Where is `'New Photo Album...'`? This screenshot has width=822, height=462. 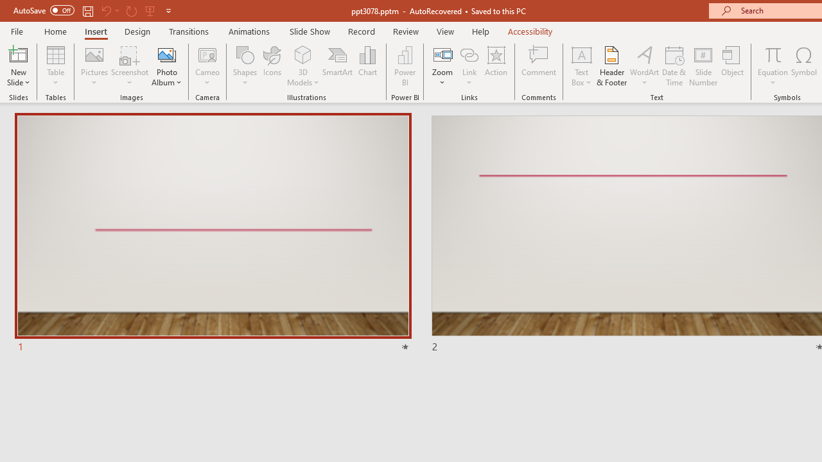 'New Photo Album...' is located at coordinates (166, 54).